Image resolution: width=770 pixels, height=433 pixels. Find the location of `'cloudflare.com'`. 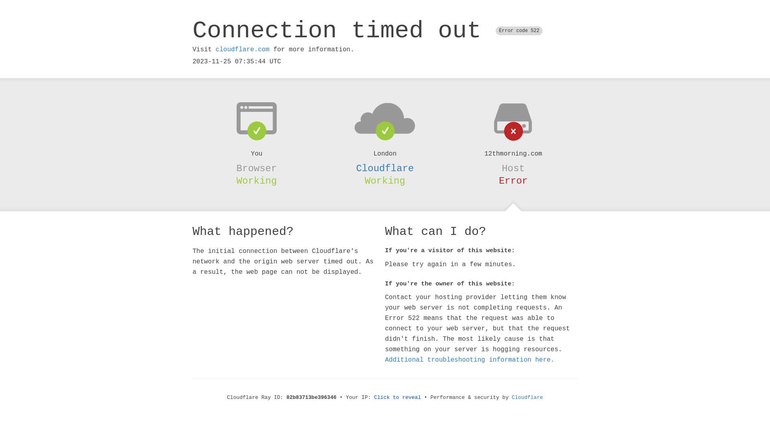

'cloudflare.com' is located at coordinates (242, 49).